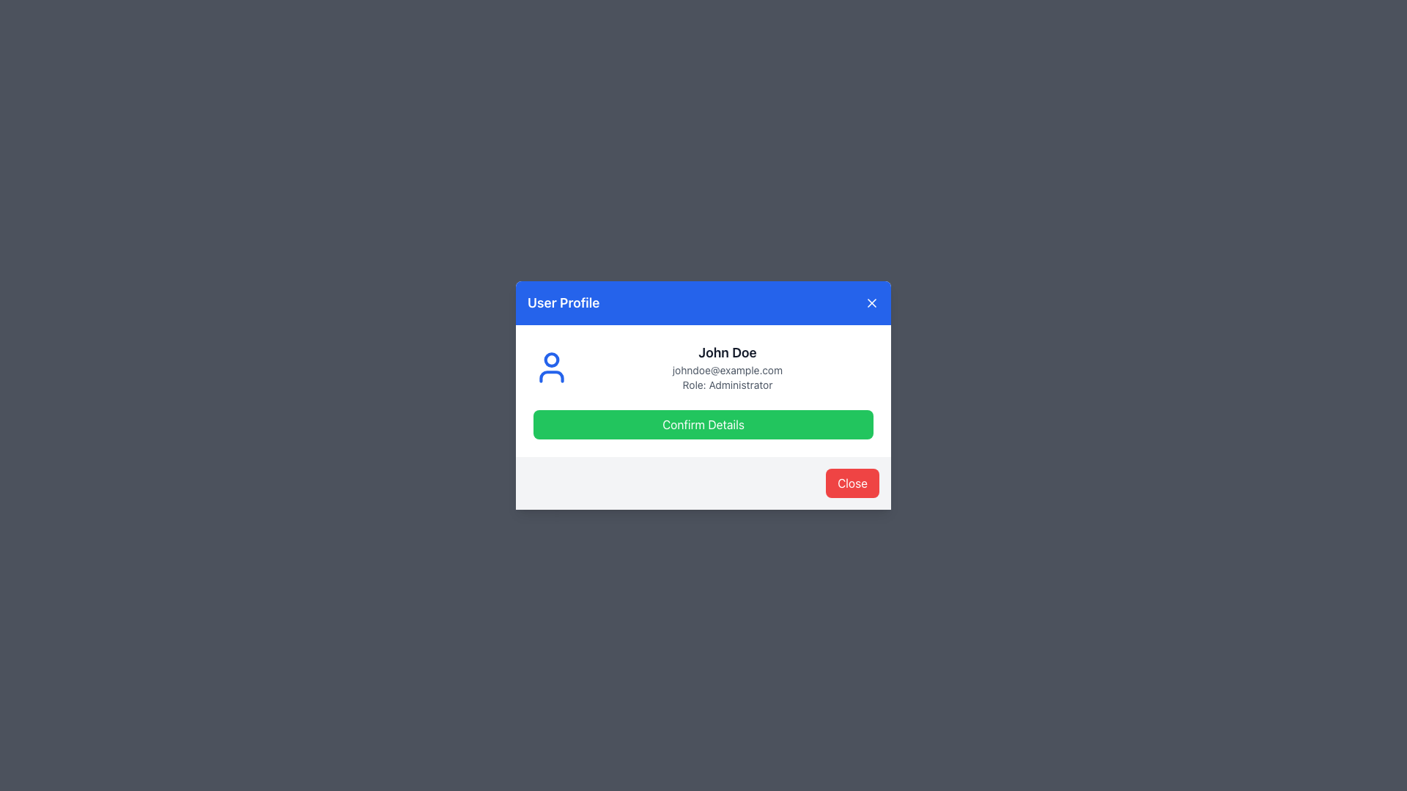 This screenshot has width=1407, height=791. Describe the element at coordinates (703, 366) in the screenshot. I see `information displayed in the user profile block located in the middle of the dialog box, above the green 'Confirm Details' button` at that location.